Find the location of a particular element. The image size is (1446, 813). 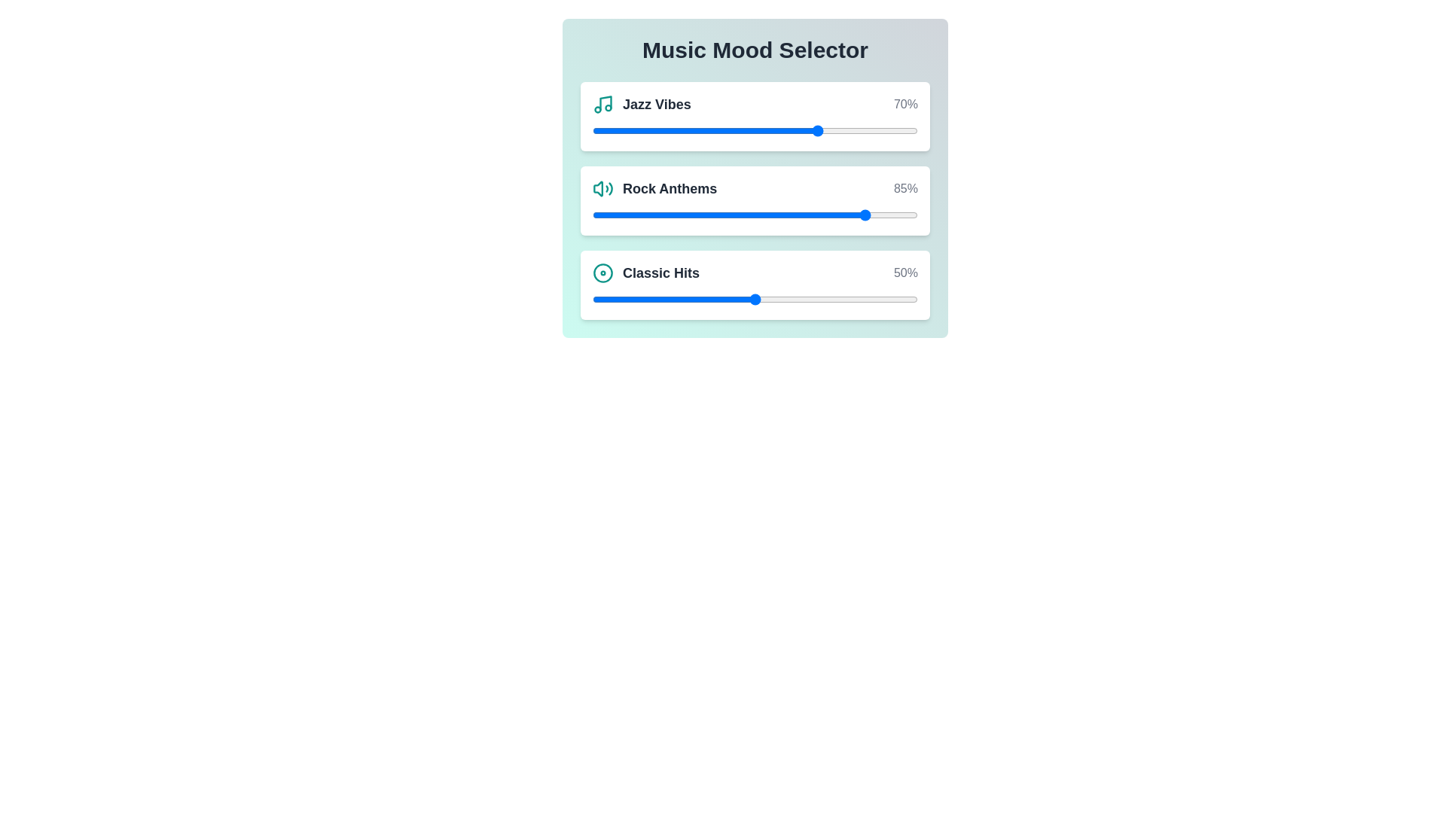

the intensity of the 'Jazz Vibes' track to 2% by moving the slider is located at coordinates (598, 129).